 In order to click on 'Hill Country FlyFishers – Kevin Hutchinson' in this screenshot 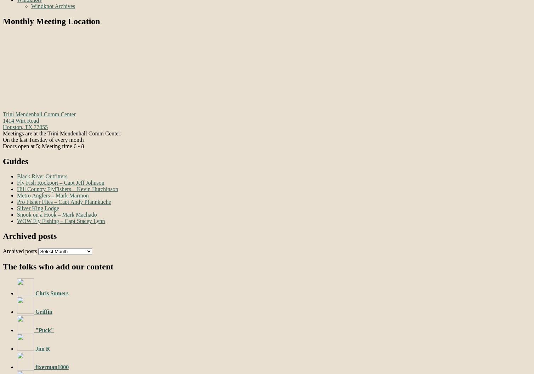, I will do `click(17, 188)`.